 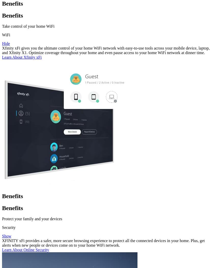 What do you see at coordinates (32, 218) in the screenshot?
I see `'Protect your family and your devices'` at bounding box center [32, 218].